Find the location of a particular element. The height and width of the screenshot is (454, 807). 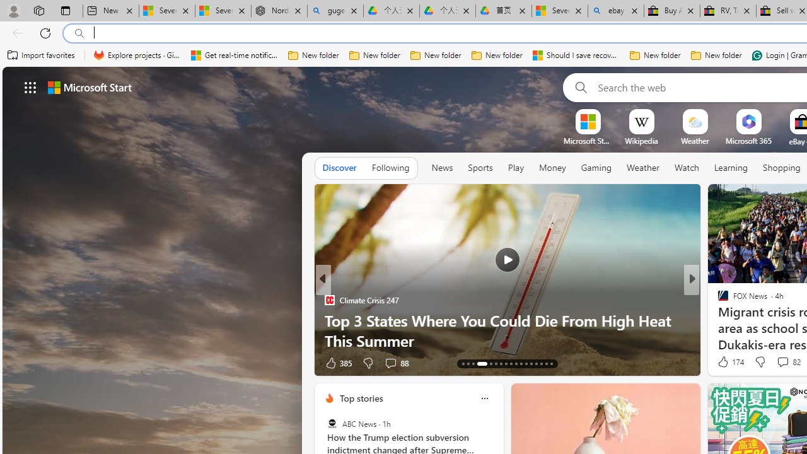

'AutomationID: tab-25' is located at coordinates (531, 364).